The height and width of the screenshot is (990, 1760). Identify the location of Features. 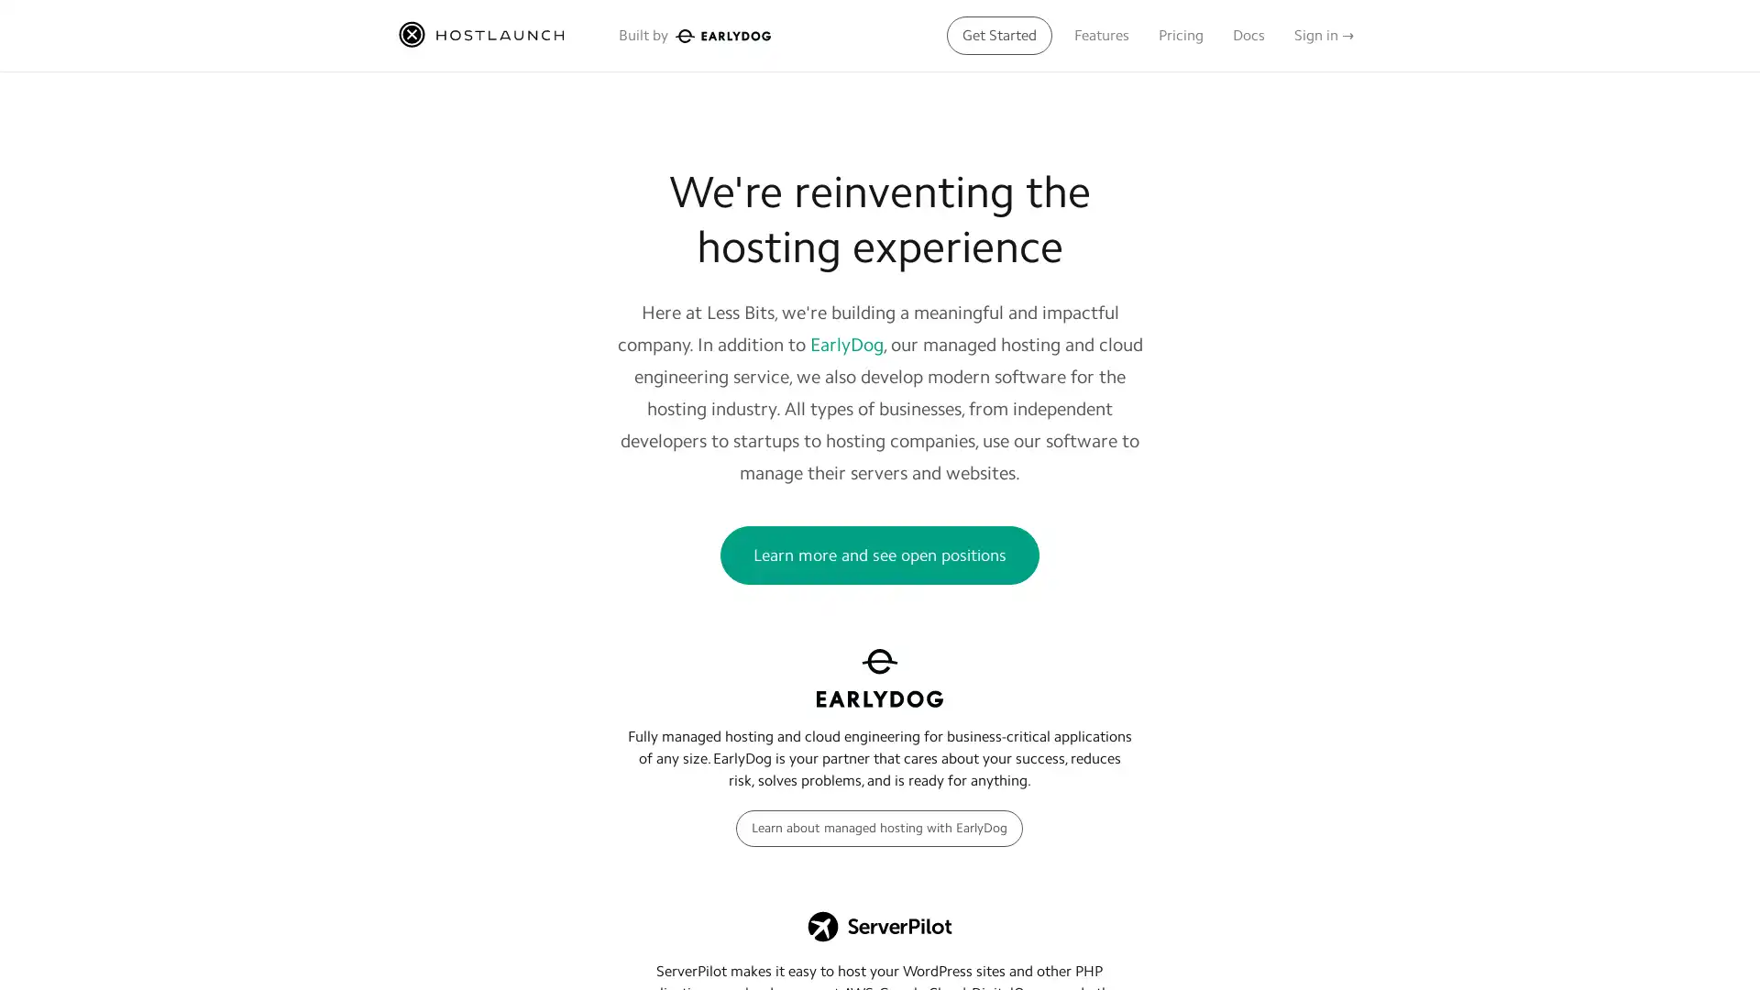
(1100, 35).